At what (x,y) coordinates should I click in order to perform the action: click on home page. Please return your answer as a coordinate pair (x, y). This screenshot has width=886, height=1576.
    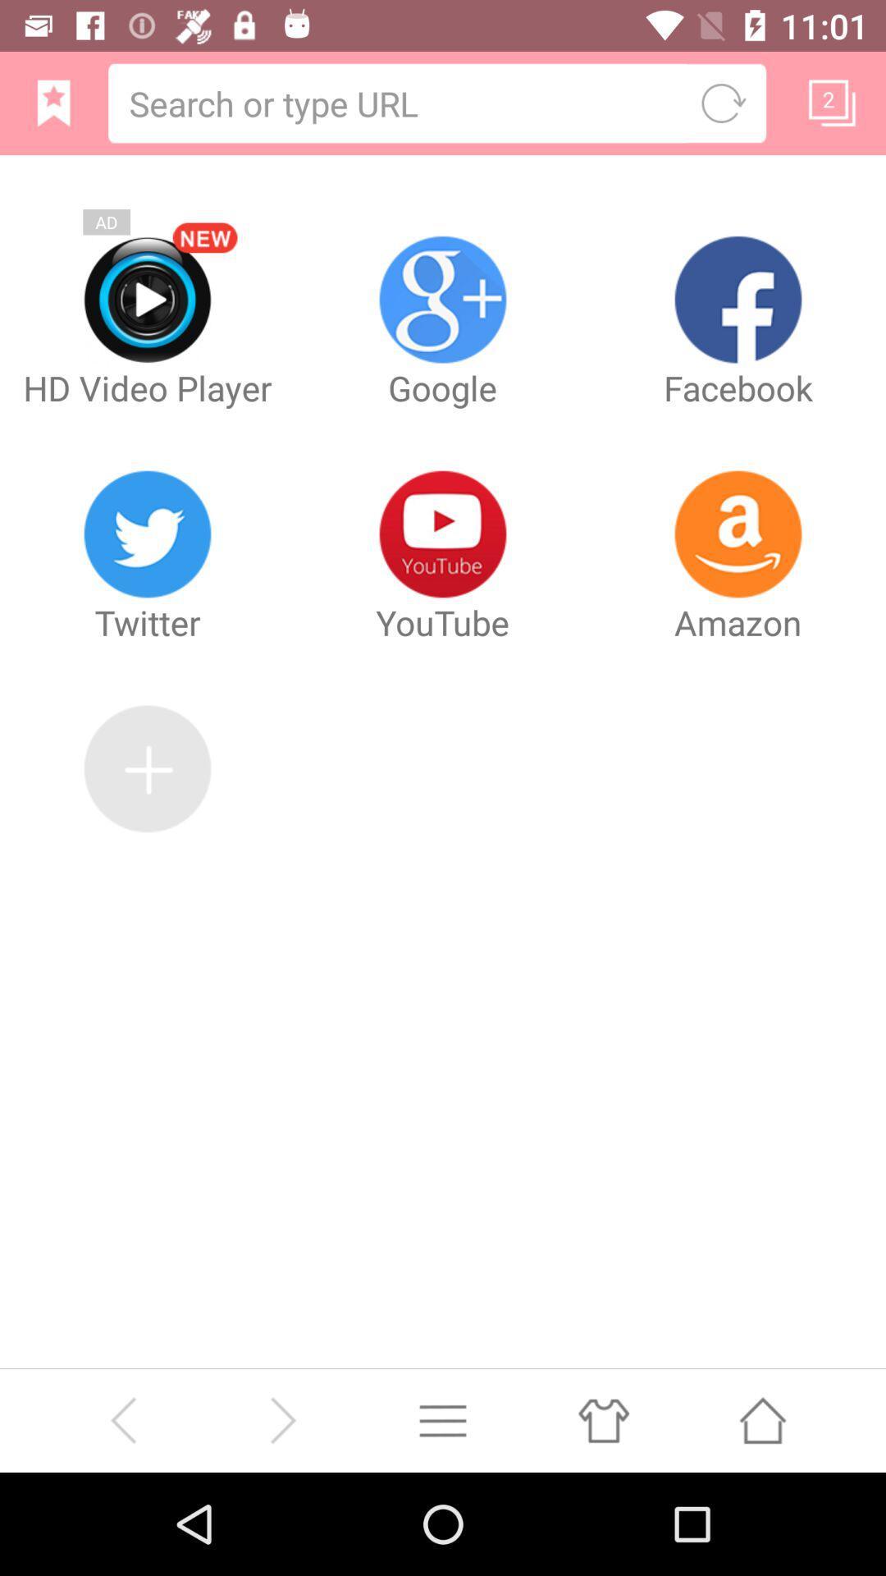
    Looking at the image, I should click on (53, 102).